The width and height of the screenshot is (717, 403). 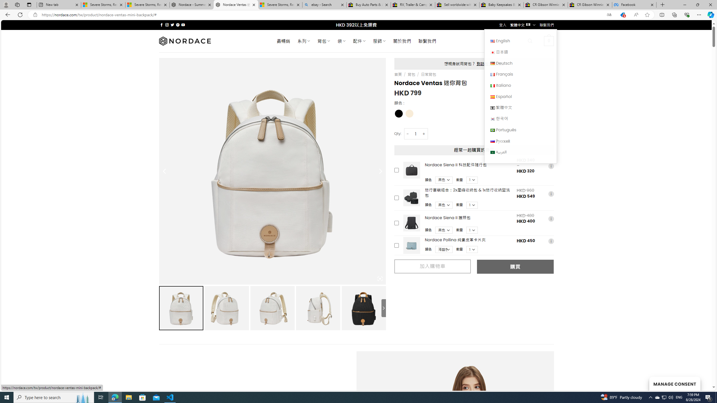 What do you see at coordinates (549, 41) in the screenshot?
I see `' 0 '` at bounding box center [549, 41].